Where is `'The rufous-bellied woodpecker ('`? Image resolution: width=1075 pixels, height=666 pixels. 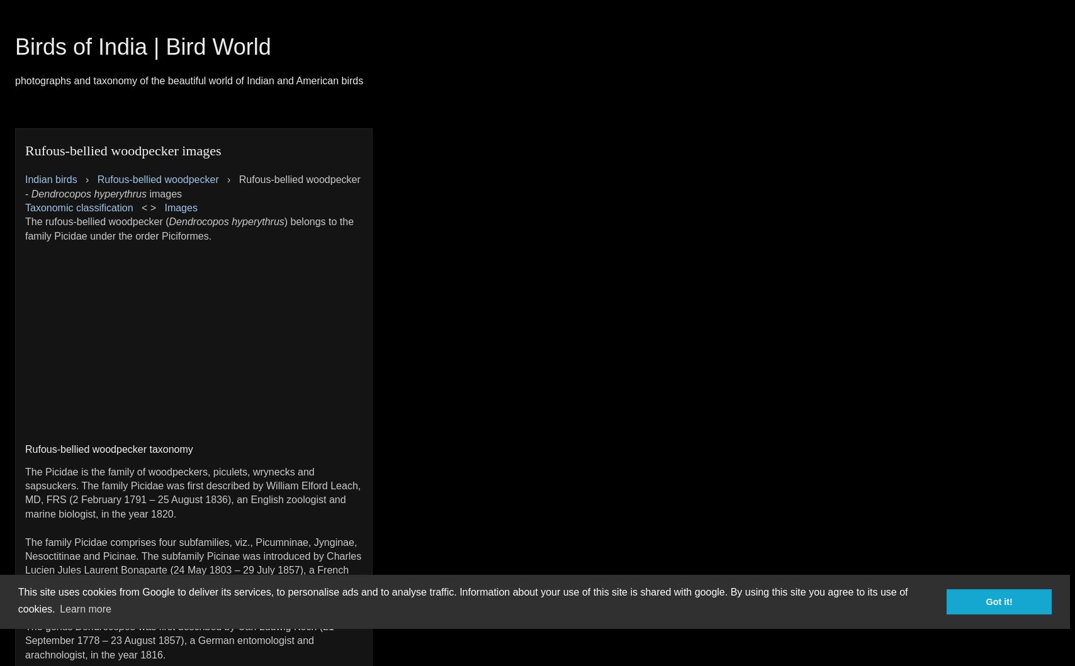
'The rufous-bellied woodpecker (' is located at coordinates (97, 221).